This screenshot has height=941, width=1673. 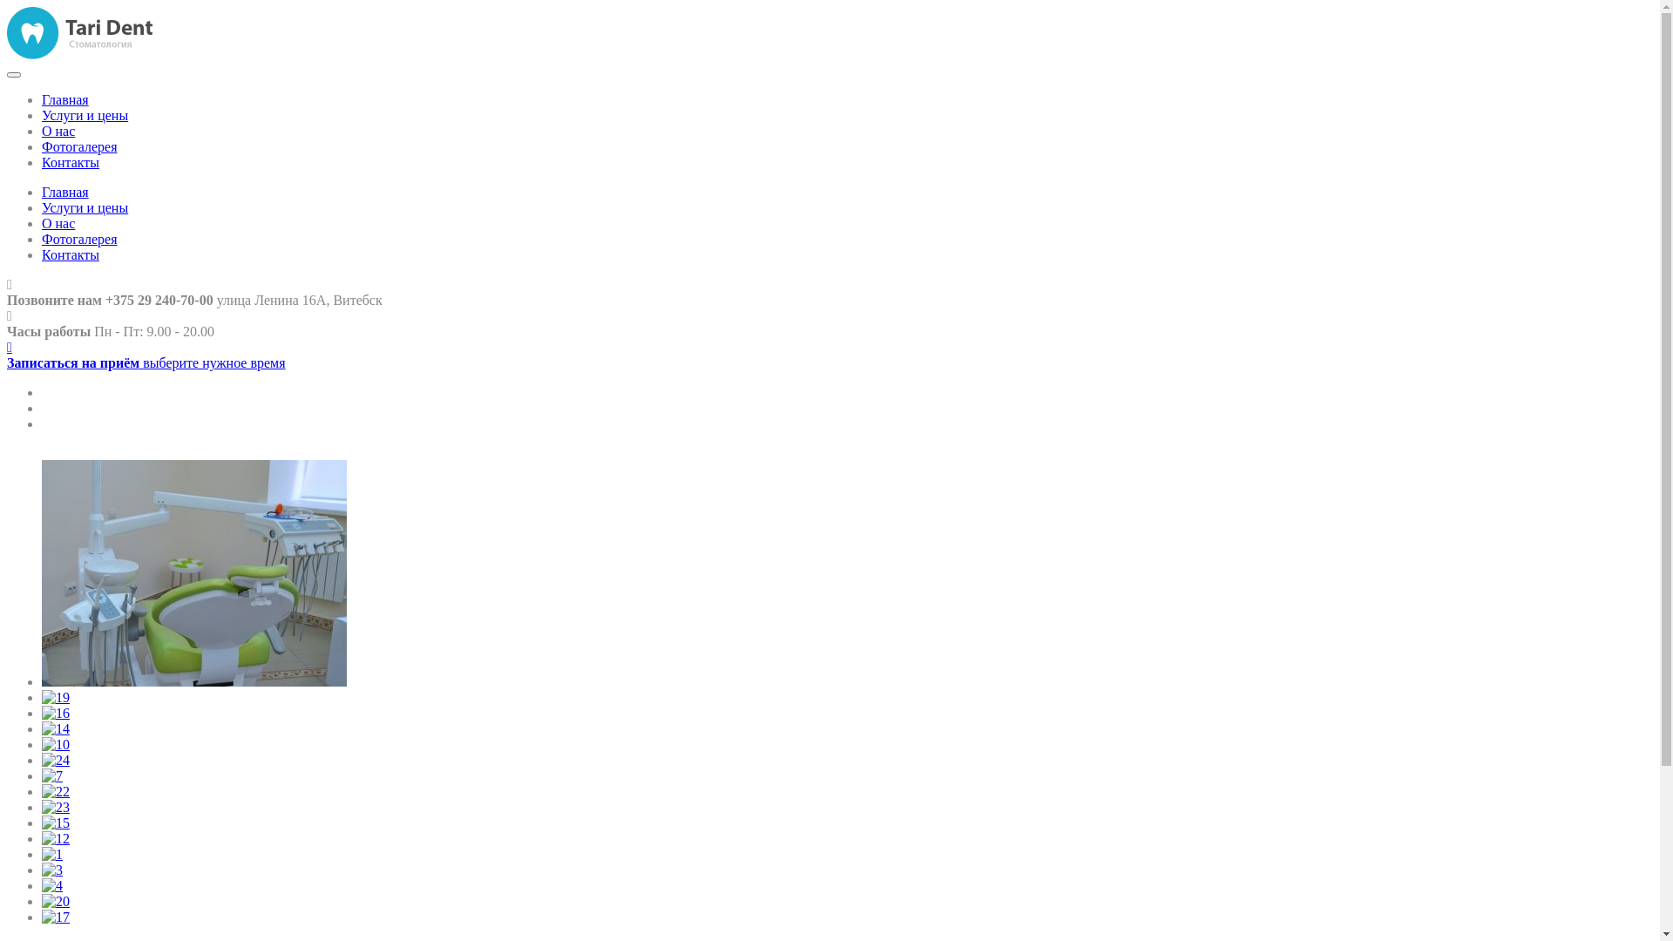 What do you see at coordinates (55, 697) in the screenshot?
I see `'19'` at bounding box center [55, 697].